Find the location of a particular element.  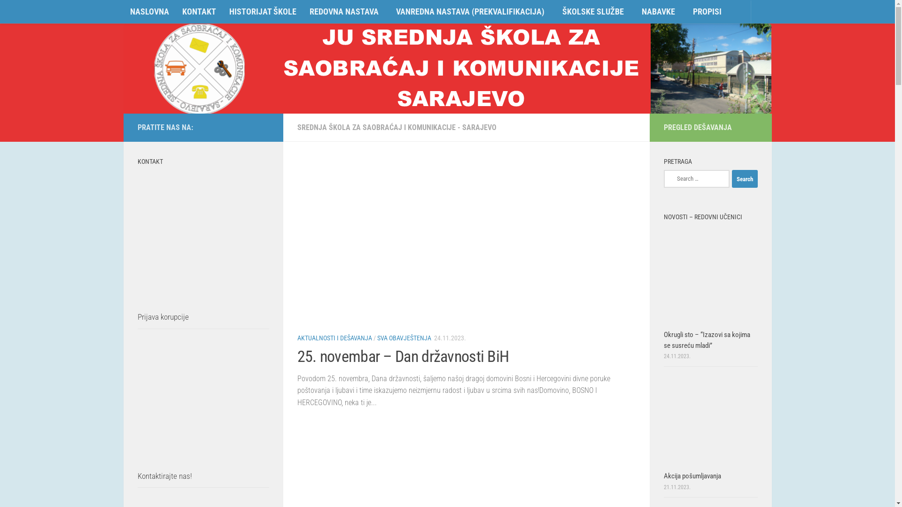

'Skip to content' is located at coordinates (2, 13).